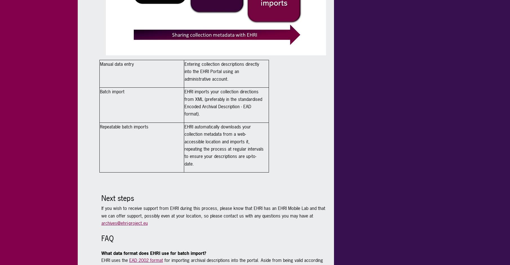  What do you see at coordinates (124, 126) in the screenshot?
I see `'Repeatable batch imports'` at bounding box center [124, 126].